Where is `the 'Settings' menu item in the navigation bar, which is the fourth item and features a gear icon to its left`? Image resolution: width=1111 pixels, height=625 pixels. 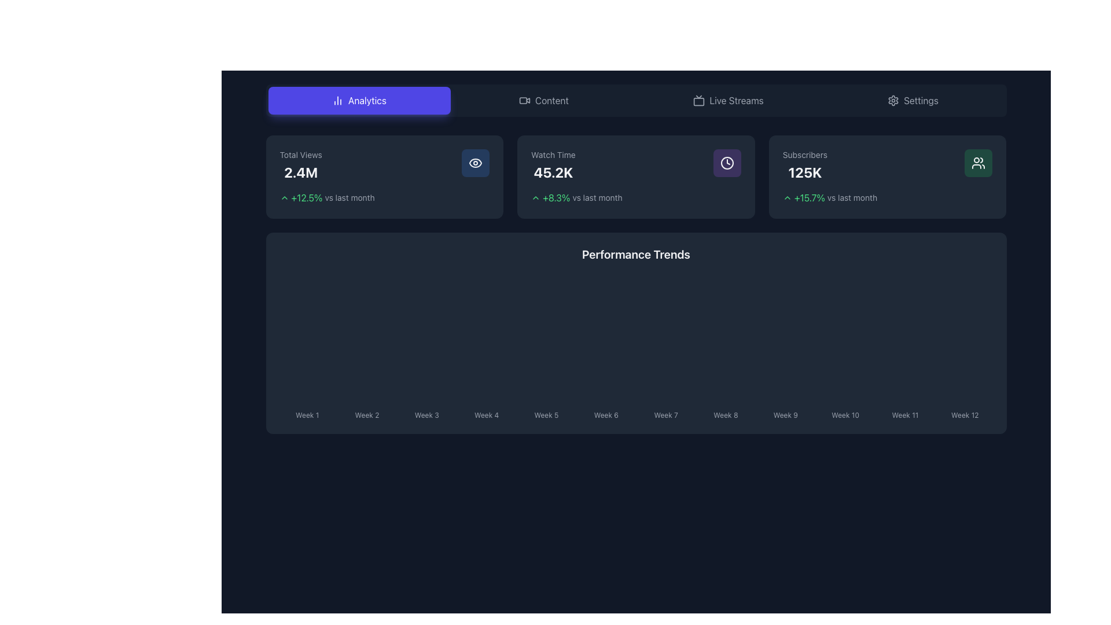
the 'Settings' menu item in the navigation bar, which is the fourth item and features a gear icon to its left is located at coordinates (913, 100).